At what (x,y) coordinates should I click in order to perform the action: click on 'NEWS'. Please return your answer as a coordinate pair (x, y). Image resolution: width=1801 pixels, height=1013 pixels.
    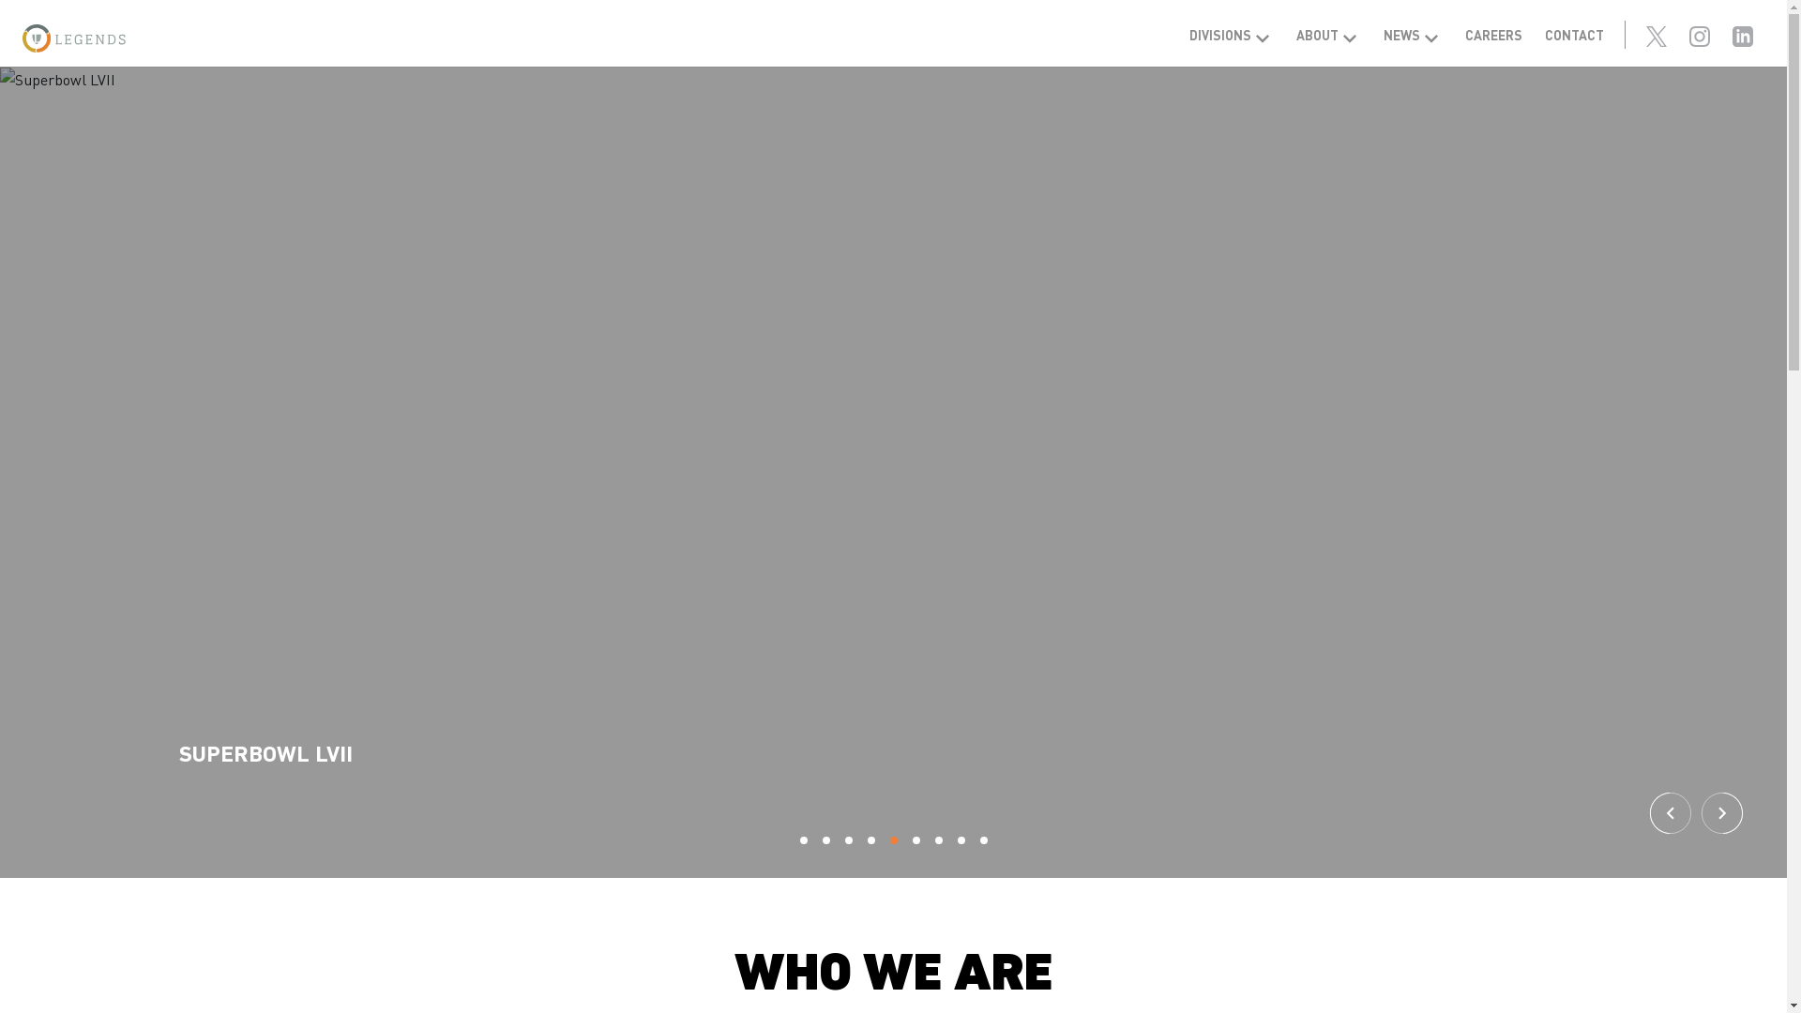
    Looking at the image, I should click on (1413, 35).